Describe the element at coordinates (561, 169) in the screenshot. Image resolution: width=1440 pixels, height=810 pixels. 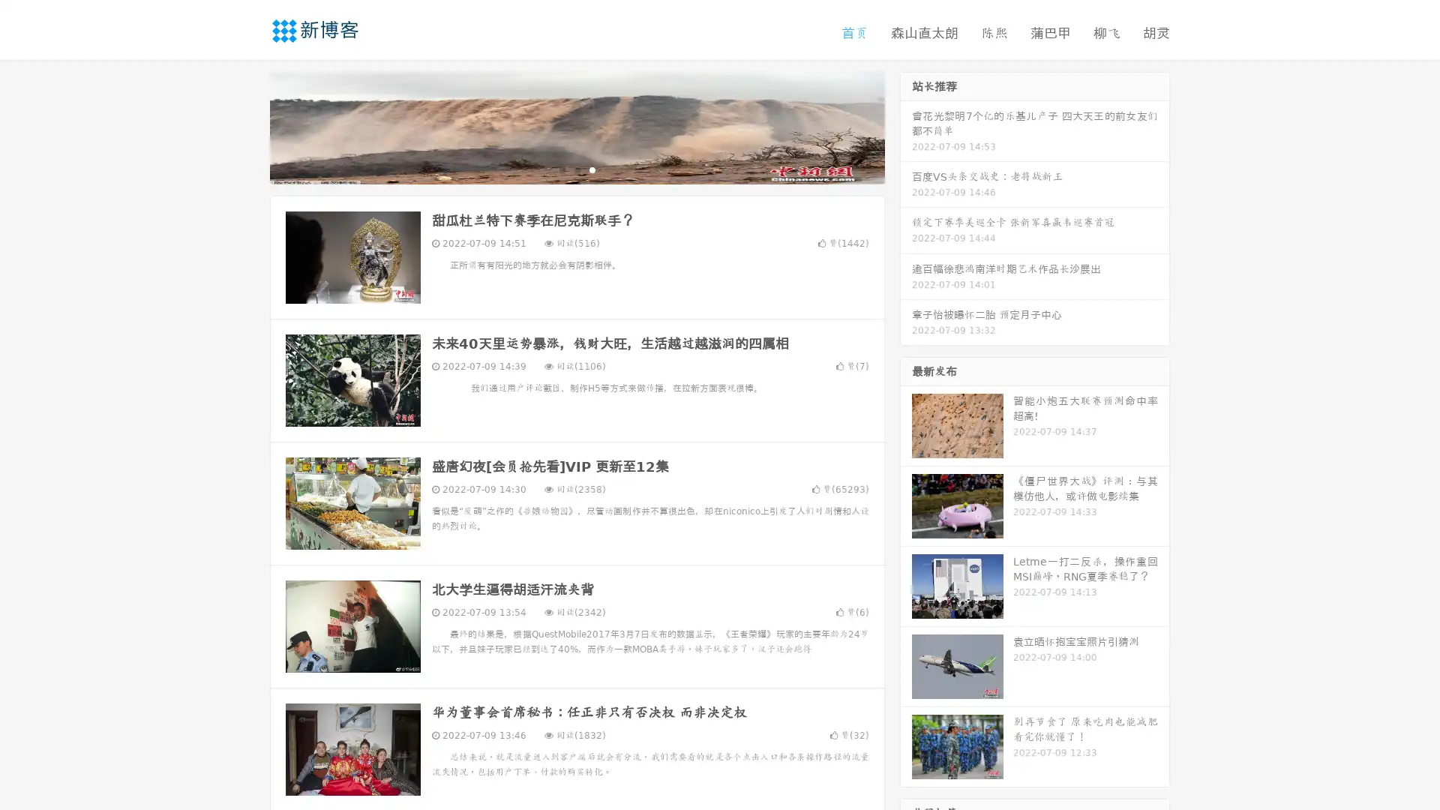
I see `Go to slide 1` at that location.